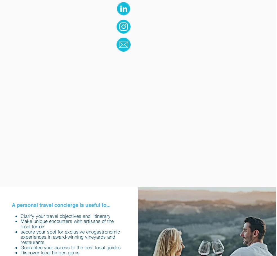 The width and height of the screenshot is (277, 256). I want to click on 'Guarantee your', so click(36, 247).